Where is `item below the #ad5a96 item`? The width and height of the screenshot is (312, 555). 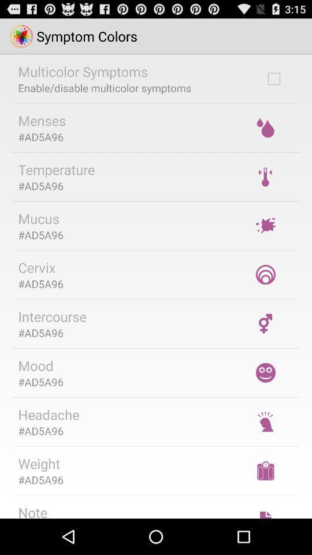
item below the #ad5a96 item is located at coordinates (32, 510).